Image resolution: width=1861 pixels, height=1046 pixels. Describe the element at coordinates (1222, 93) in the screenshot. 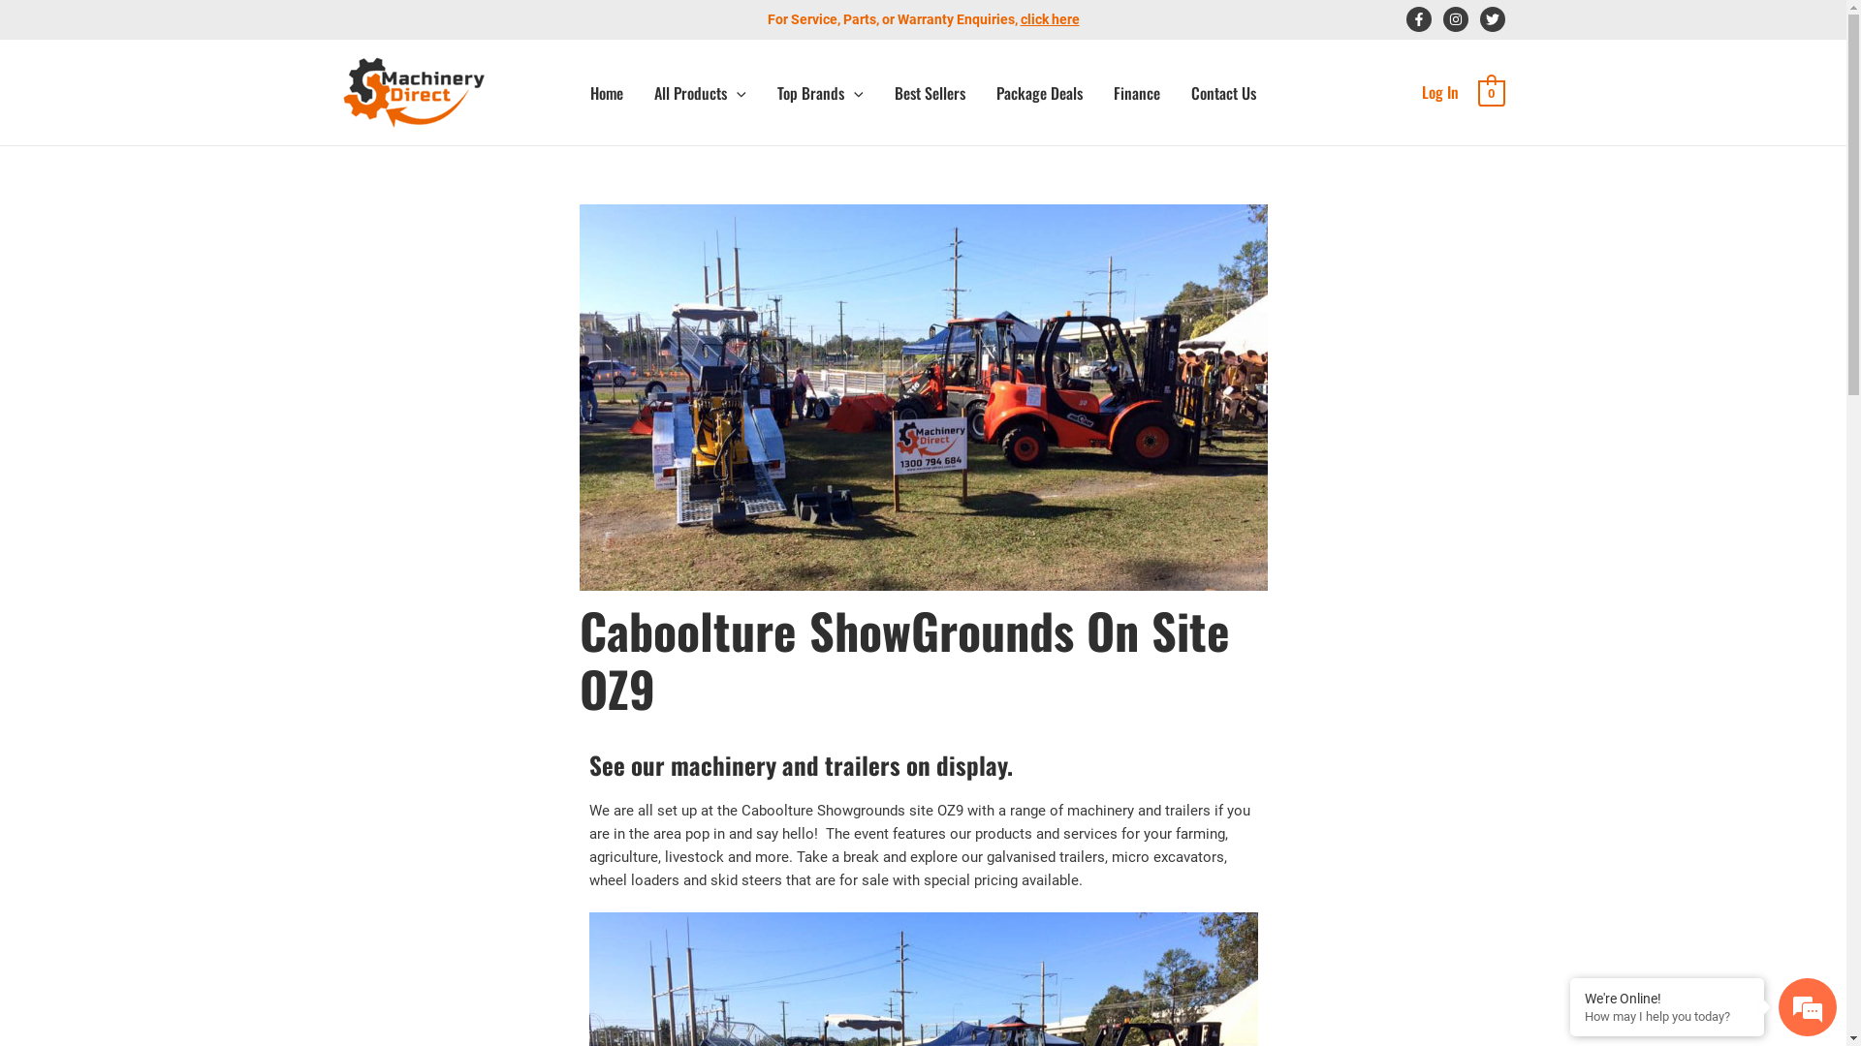

I see `'Contact Us'` at that location.